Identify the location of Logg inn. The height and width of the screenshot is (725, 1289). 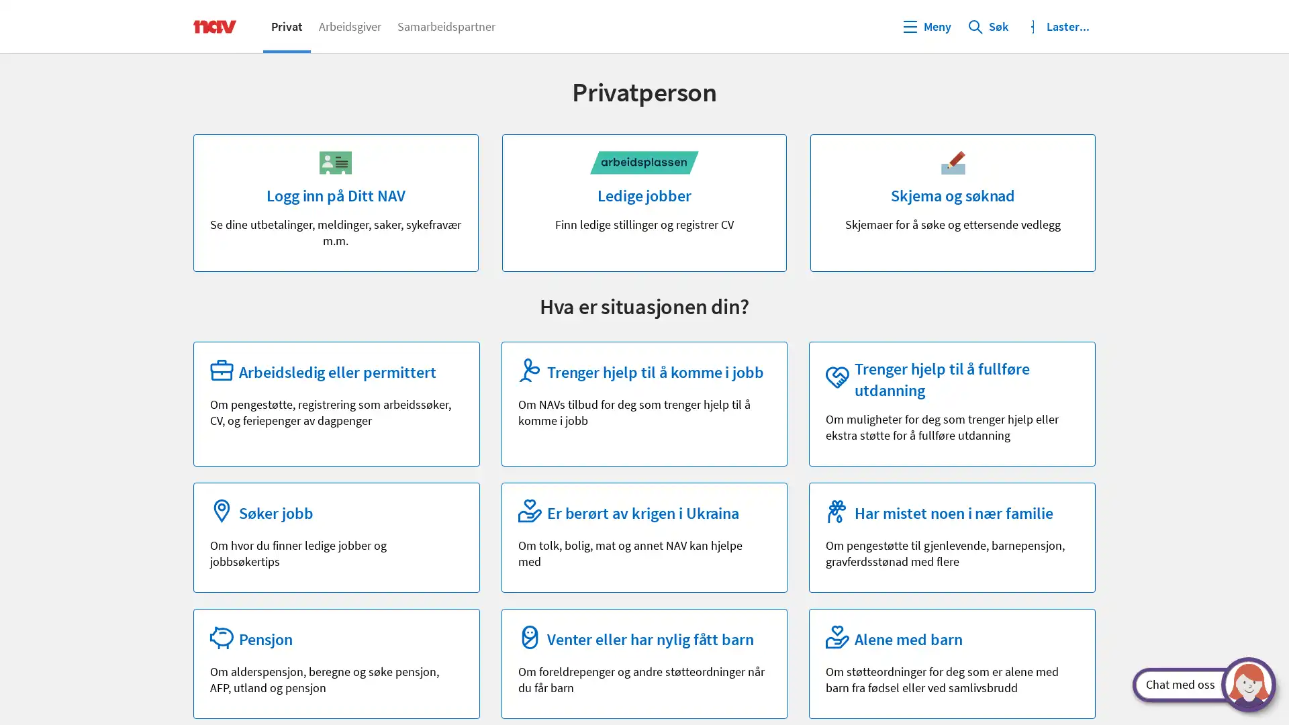
(1056, 26).